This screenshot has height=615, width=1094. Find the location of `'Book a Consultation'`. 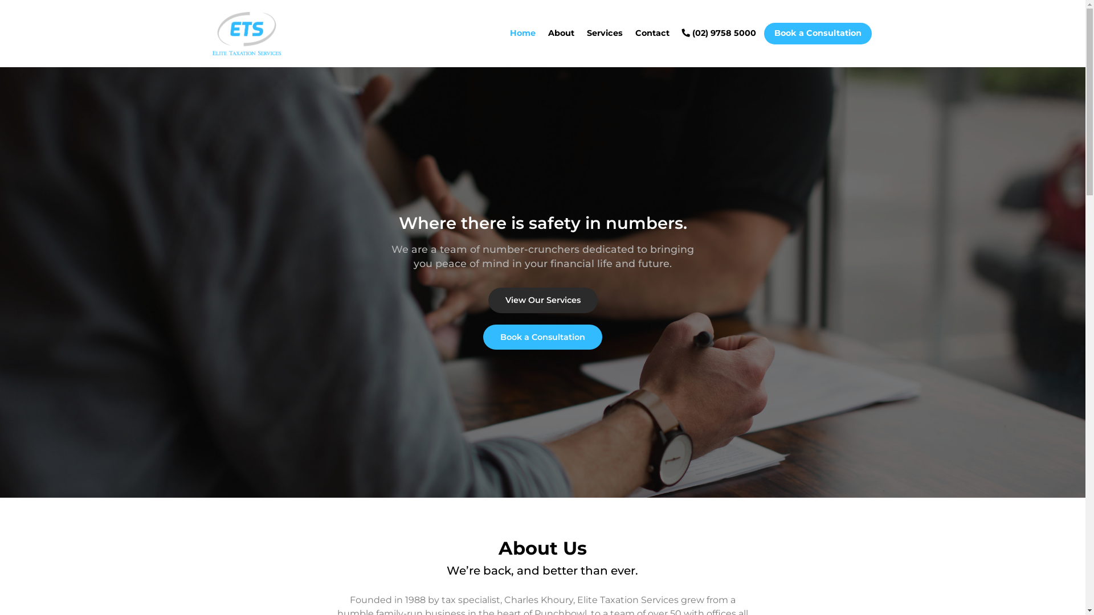

'Book a Consultation' is located at coordinates (542, 336).